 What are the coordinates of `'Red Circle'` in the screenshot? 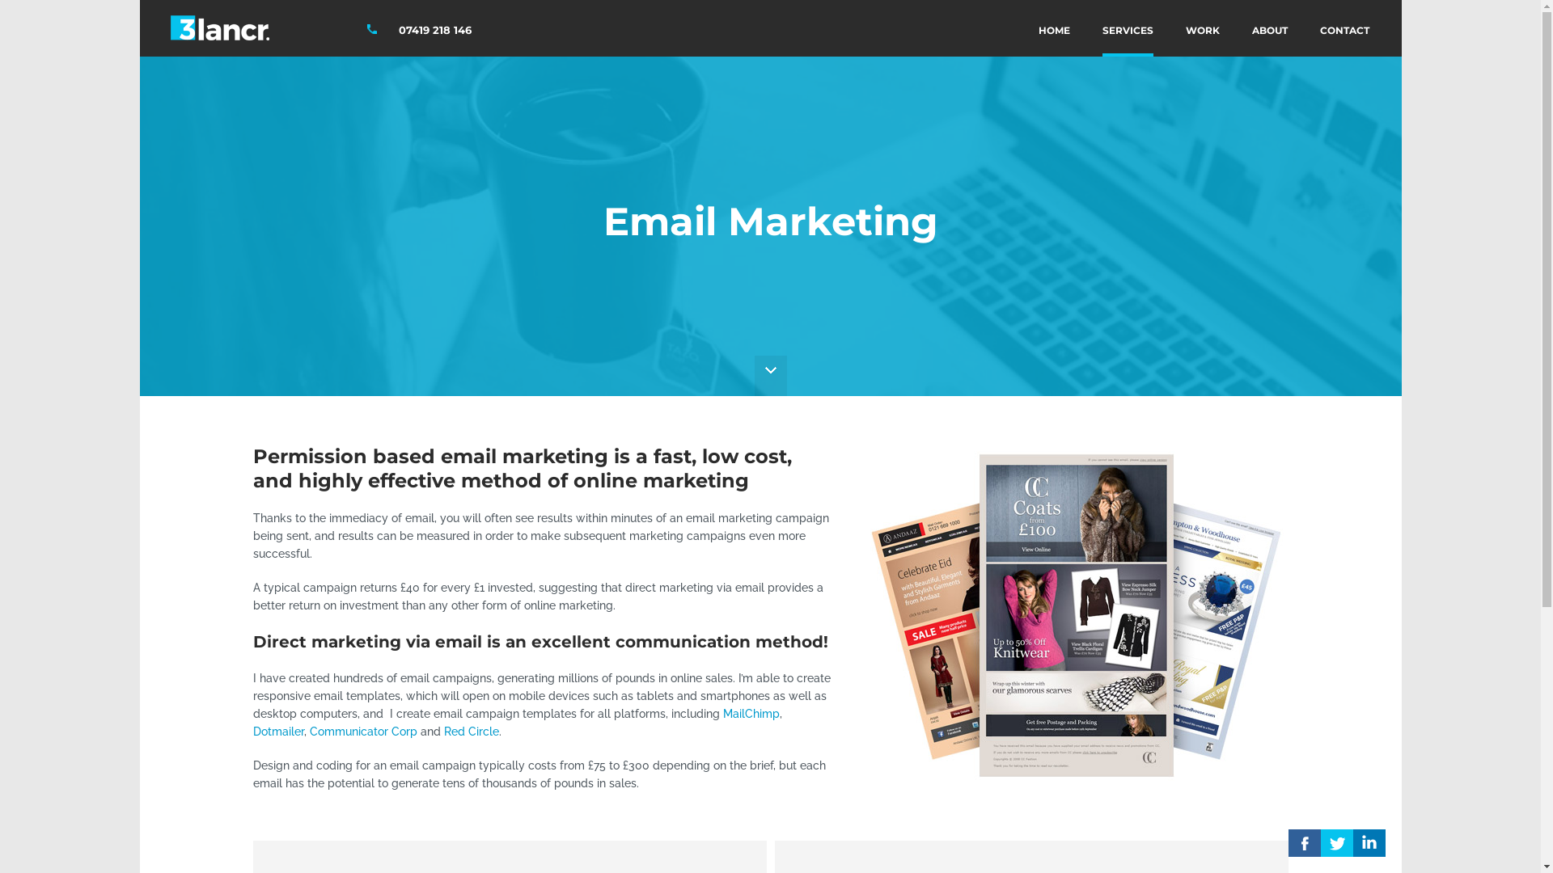 It's located at (469, 732).